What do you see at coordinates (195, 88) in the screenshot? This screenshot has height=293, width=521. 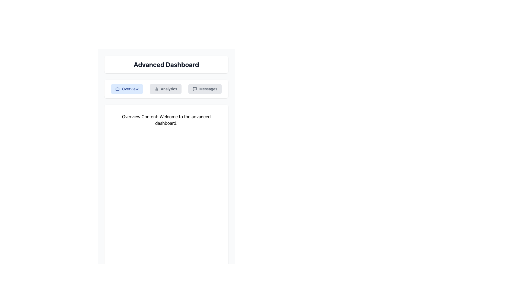 I see `the 'Messages' button on the navigation bar, which contains the message bubble icon, the third button from the left` at bounding box center [195, 88].